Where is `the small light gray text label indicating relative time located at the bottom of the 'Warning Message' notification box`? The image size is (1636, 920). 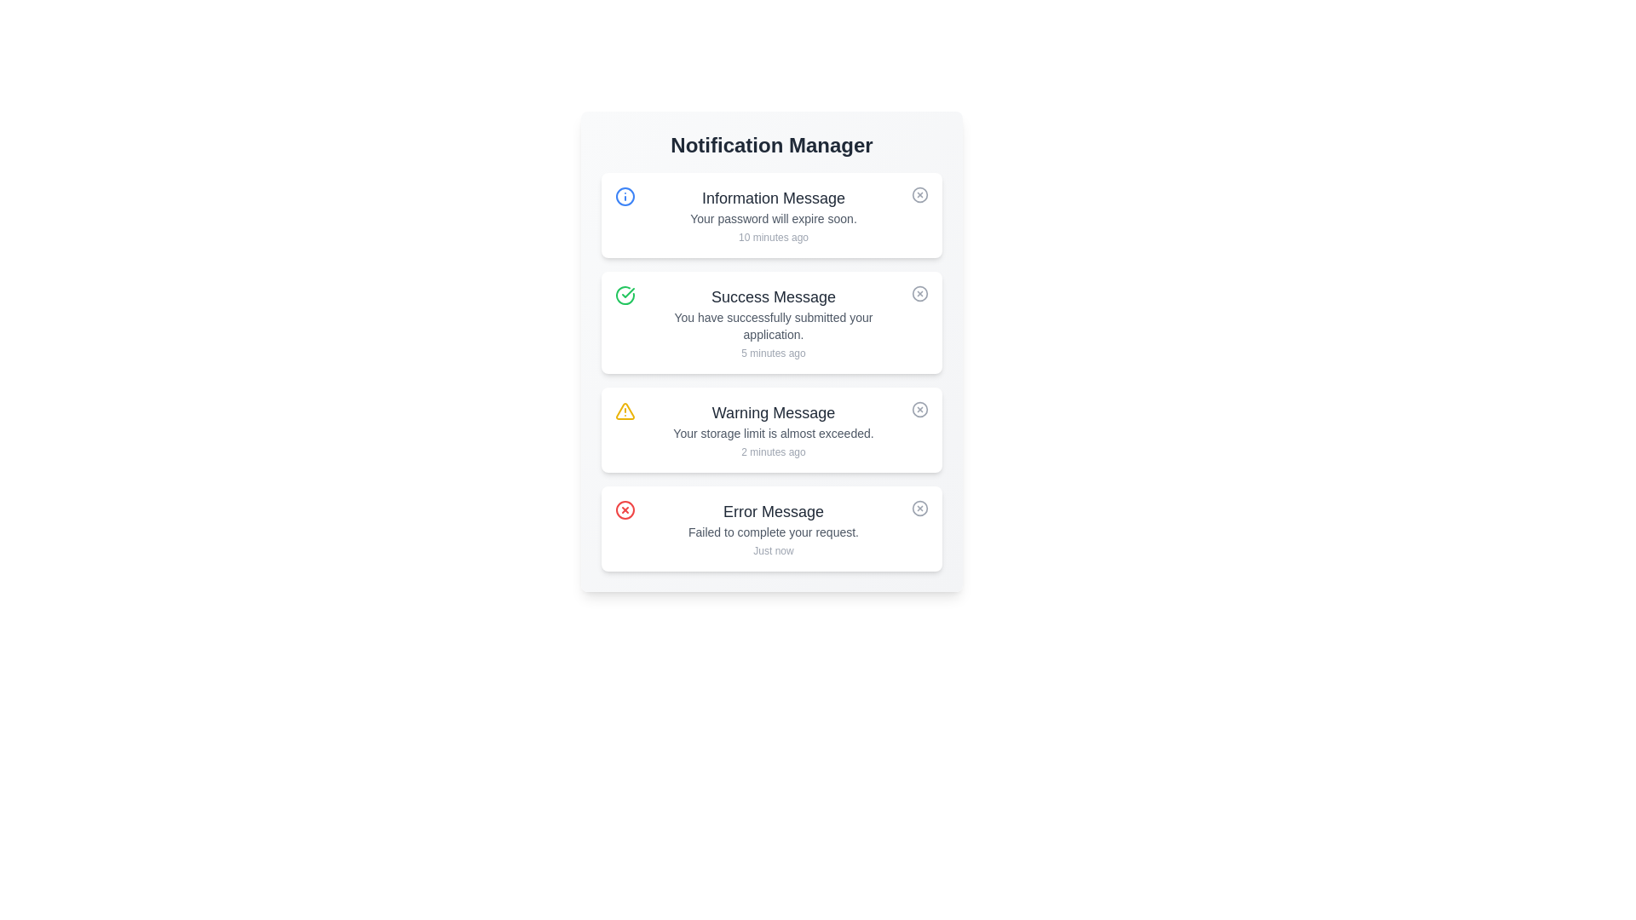
the small light gray text label indicating relative time located at the bottom of the 'Warning Message' notification box is located at coordinates (772, 451).